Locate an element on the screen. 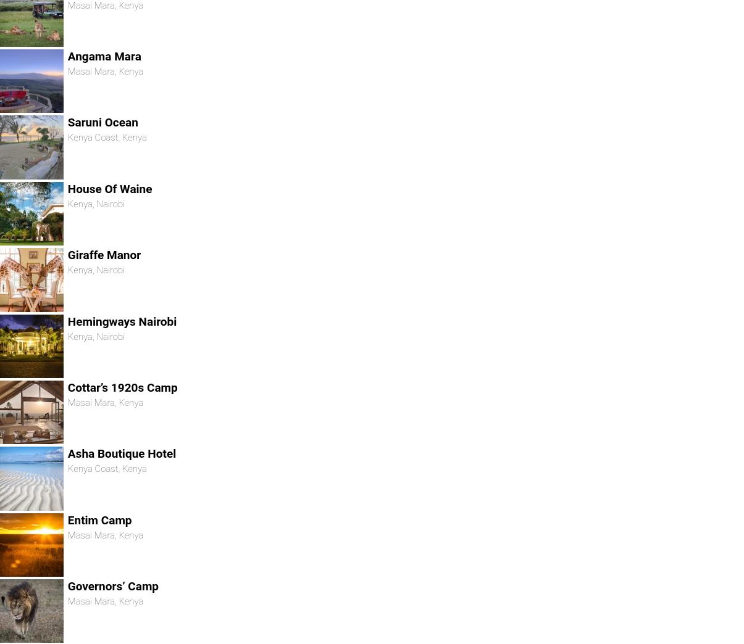  'Governors’ Camp' is located at coordinates (112, 585).